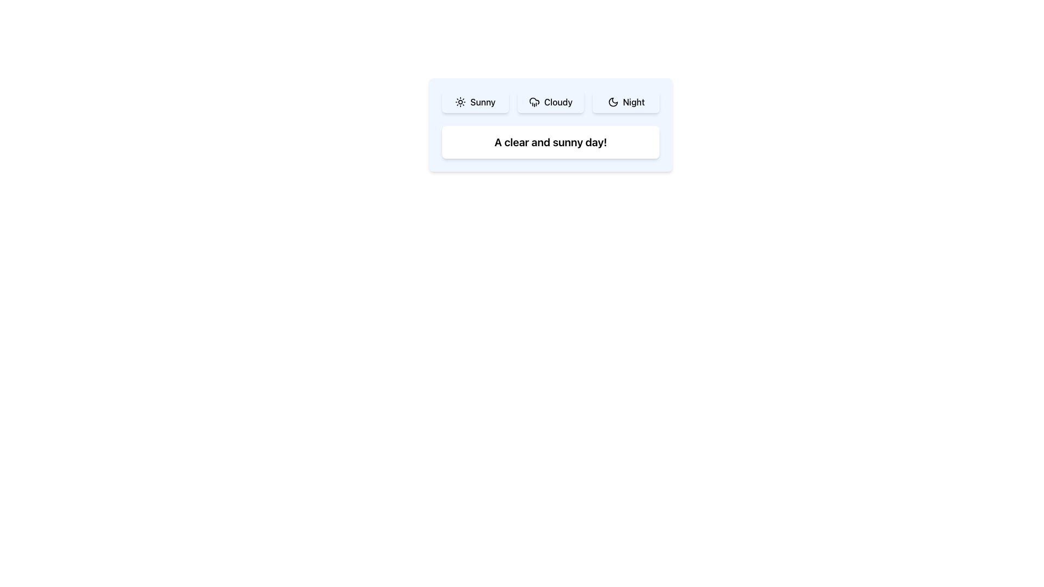 This screenshot has width=1044, height=587. What do you see at coordinates (534, 102) in the screenshot?
I see `the 'Cloudy' weather icon in the selection menu, which represents cloudy with rain` at bounding box center [534, 102].